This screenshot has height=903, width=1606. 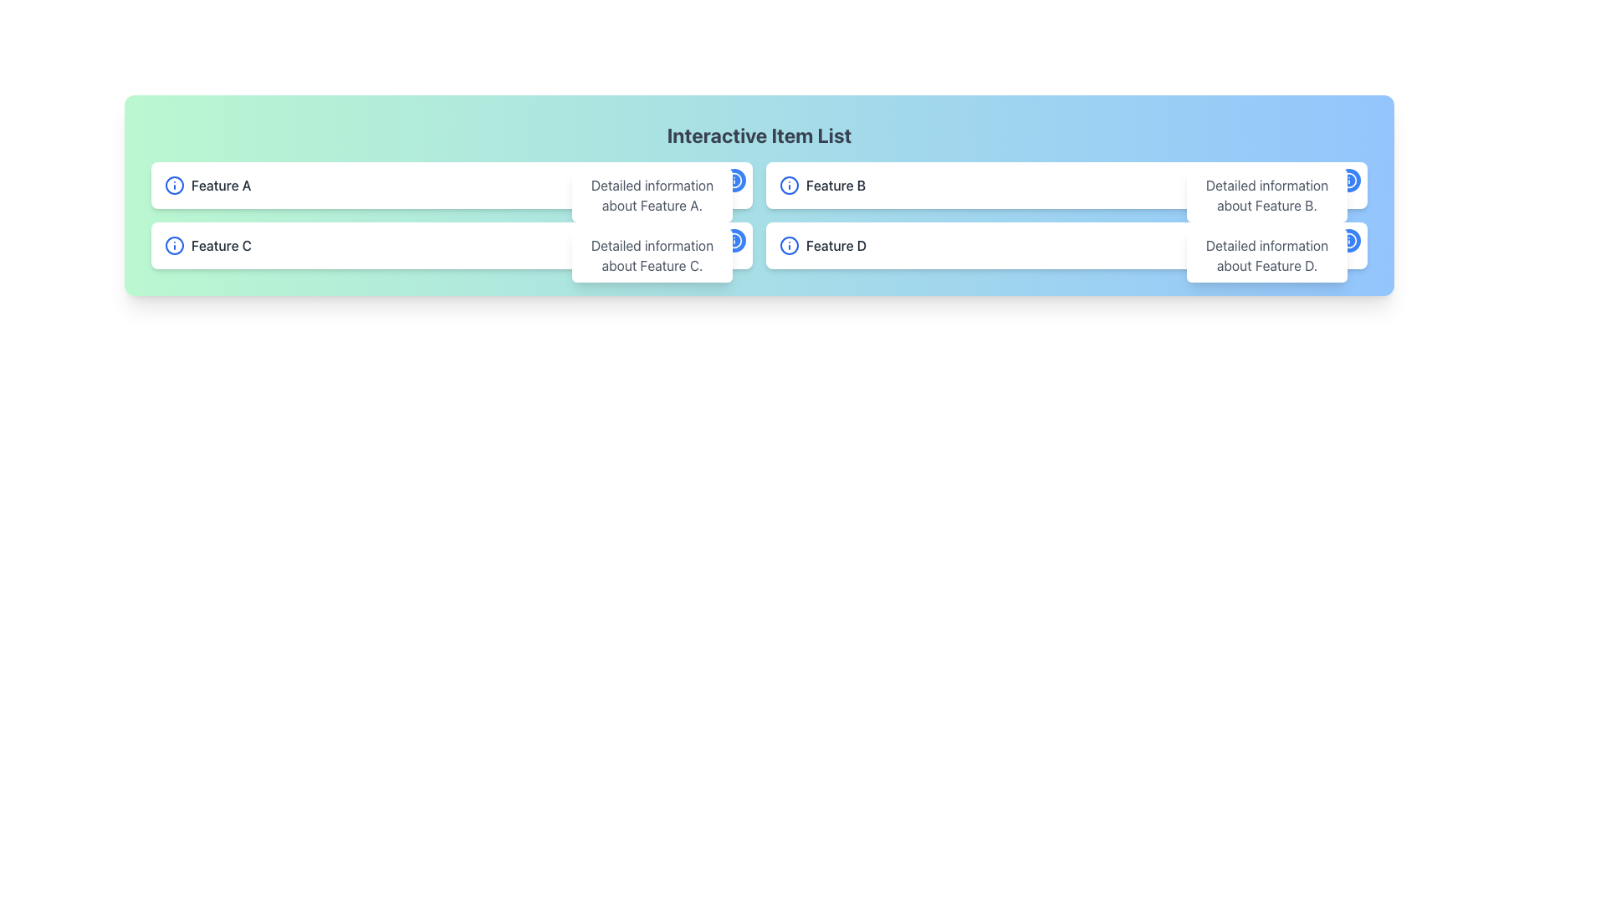 What do you see at coordinates (220, 186) in the screenshot?
I see `the Text Label element displaying 'Feature A', which is aligned to the left in a vertical list with a soft green background` at bounding box center [220, 186].